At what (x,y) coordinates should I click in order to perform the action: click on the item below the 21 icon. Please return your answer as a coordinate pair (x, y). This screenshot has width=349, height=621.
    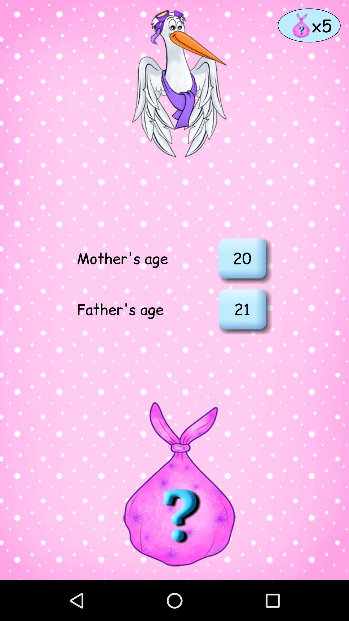
    Looking at the image, I should click on (174, 484).